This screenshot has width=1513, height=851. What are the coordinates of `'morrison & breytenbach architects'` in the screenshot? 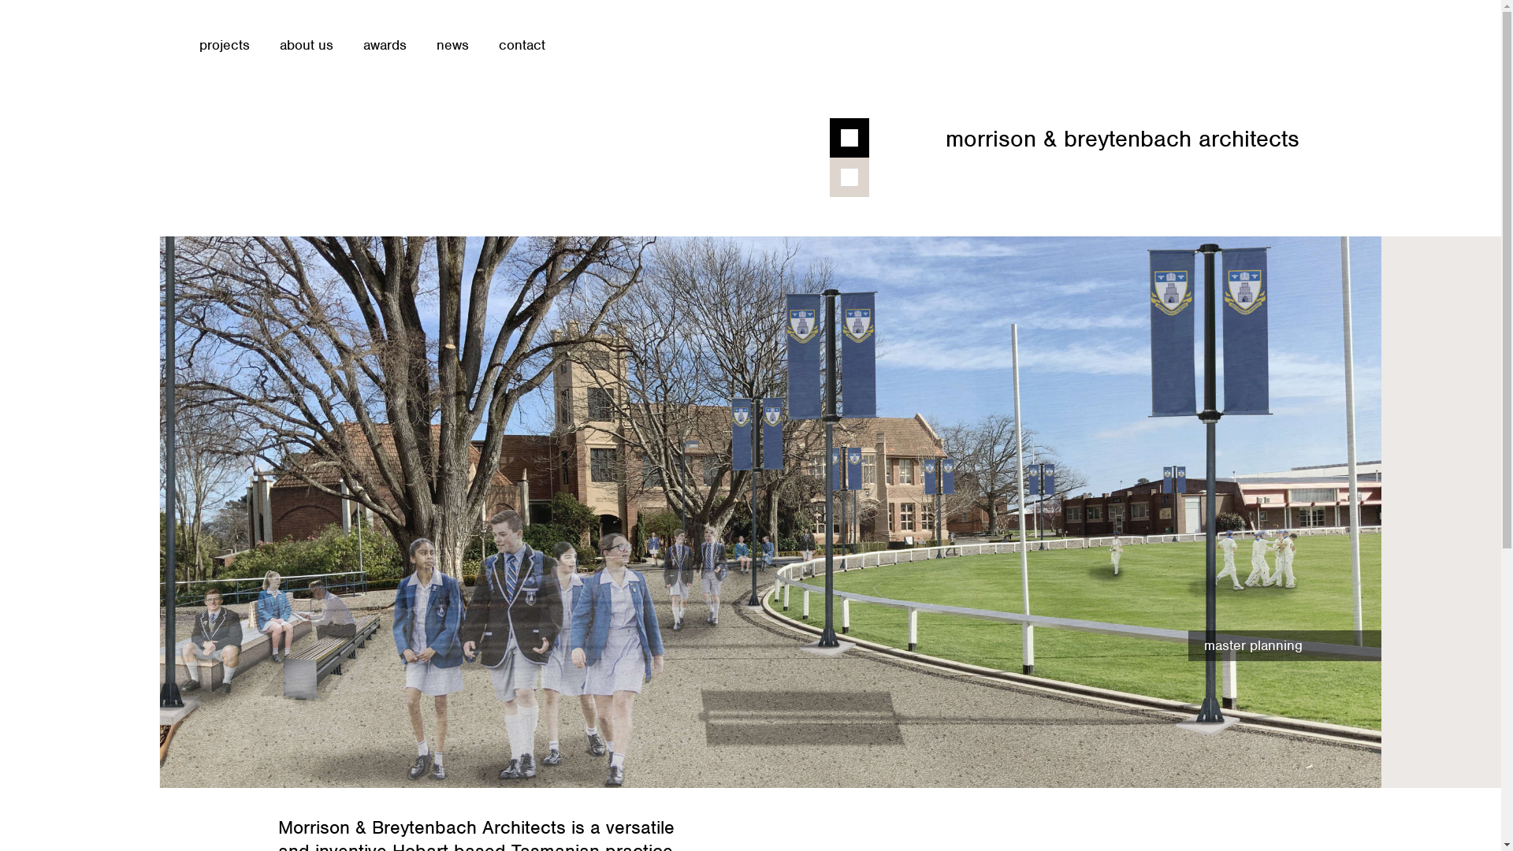 It's located at (1121, 138).